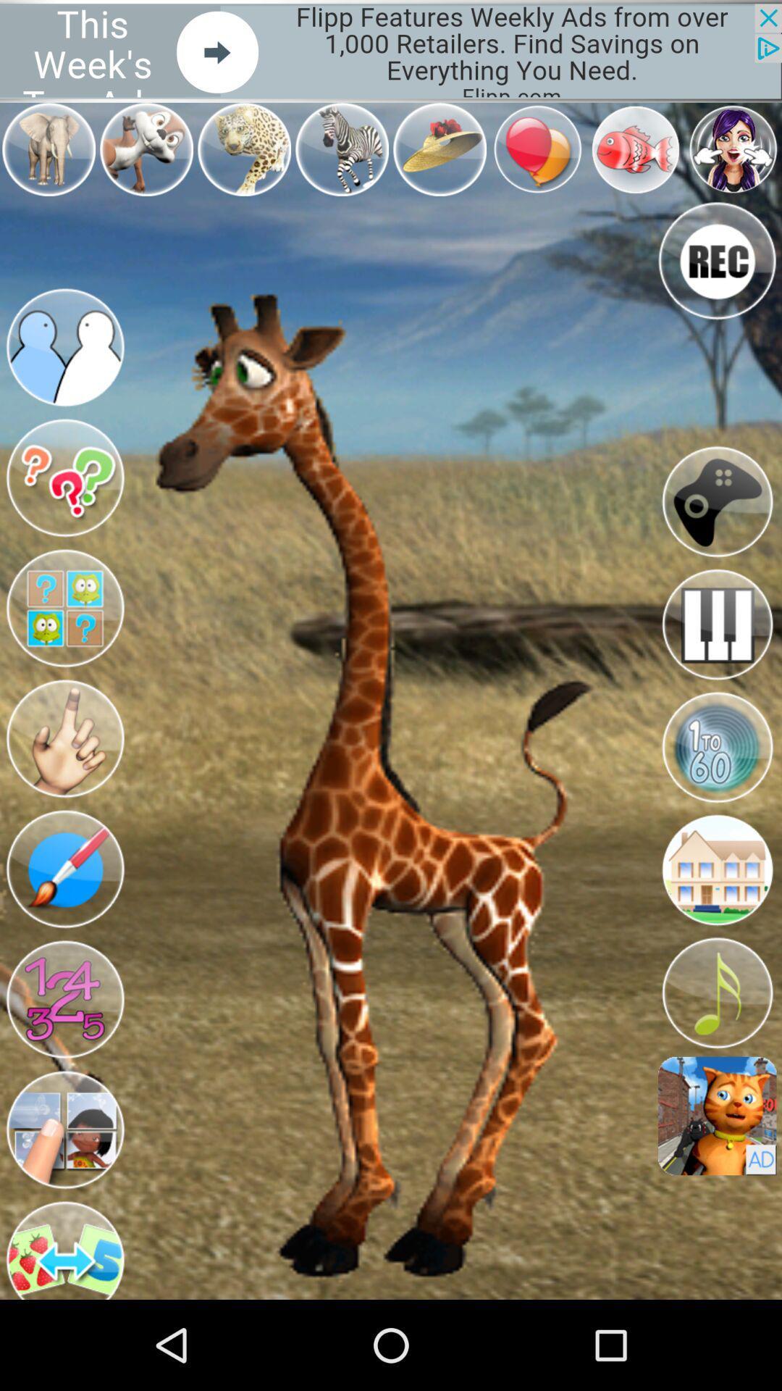 This screenshot has width=782, height=1391. What do you see at coordinates (717, 668) in the screenshot?
I see `the pause icon` at bounding box center [717, 668].